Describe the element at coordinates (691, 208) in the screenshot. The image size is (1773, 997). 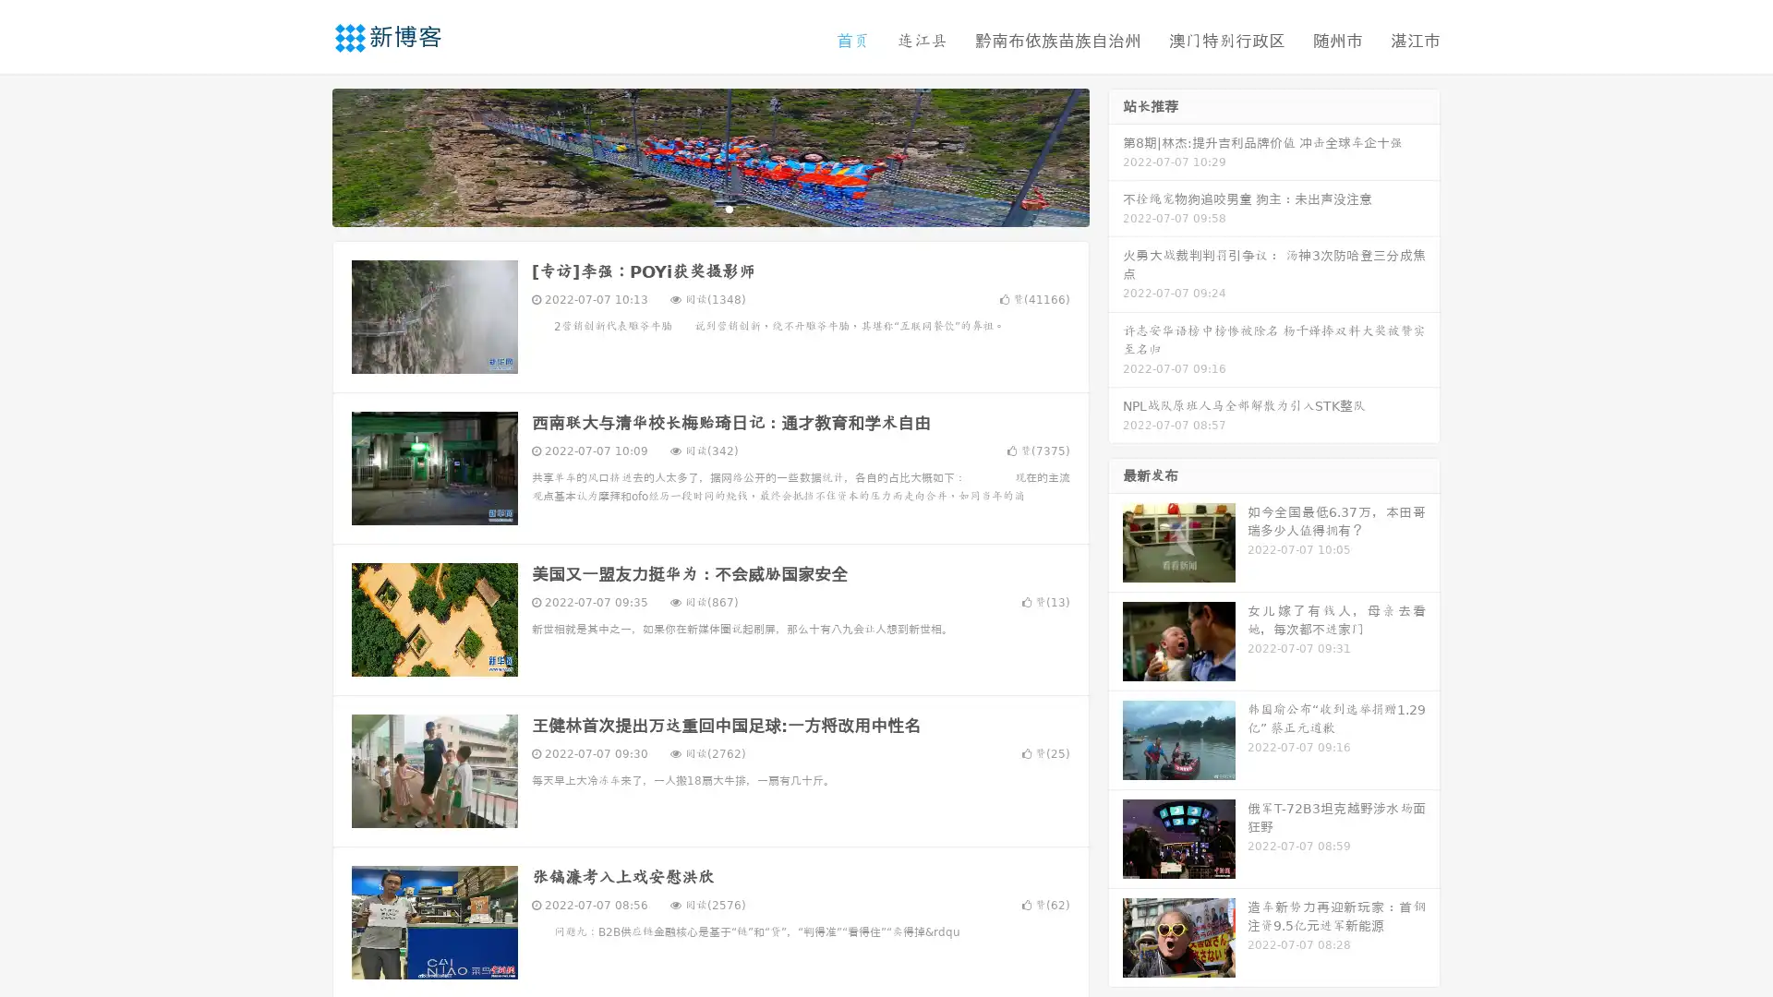
I see `Go to slide 1` at that location.